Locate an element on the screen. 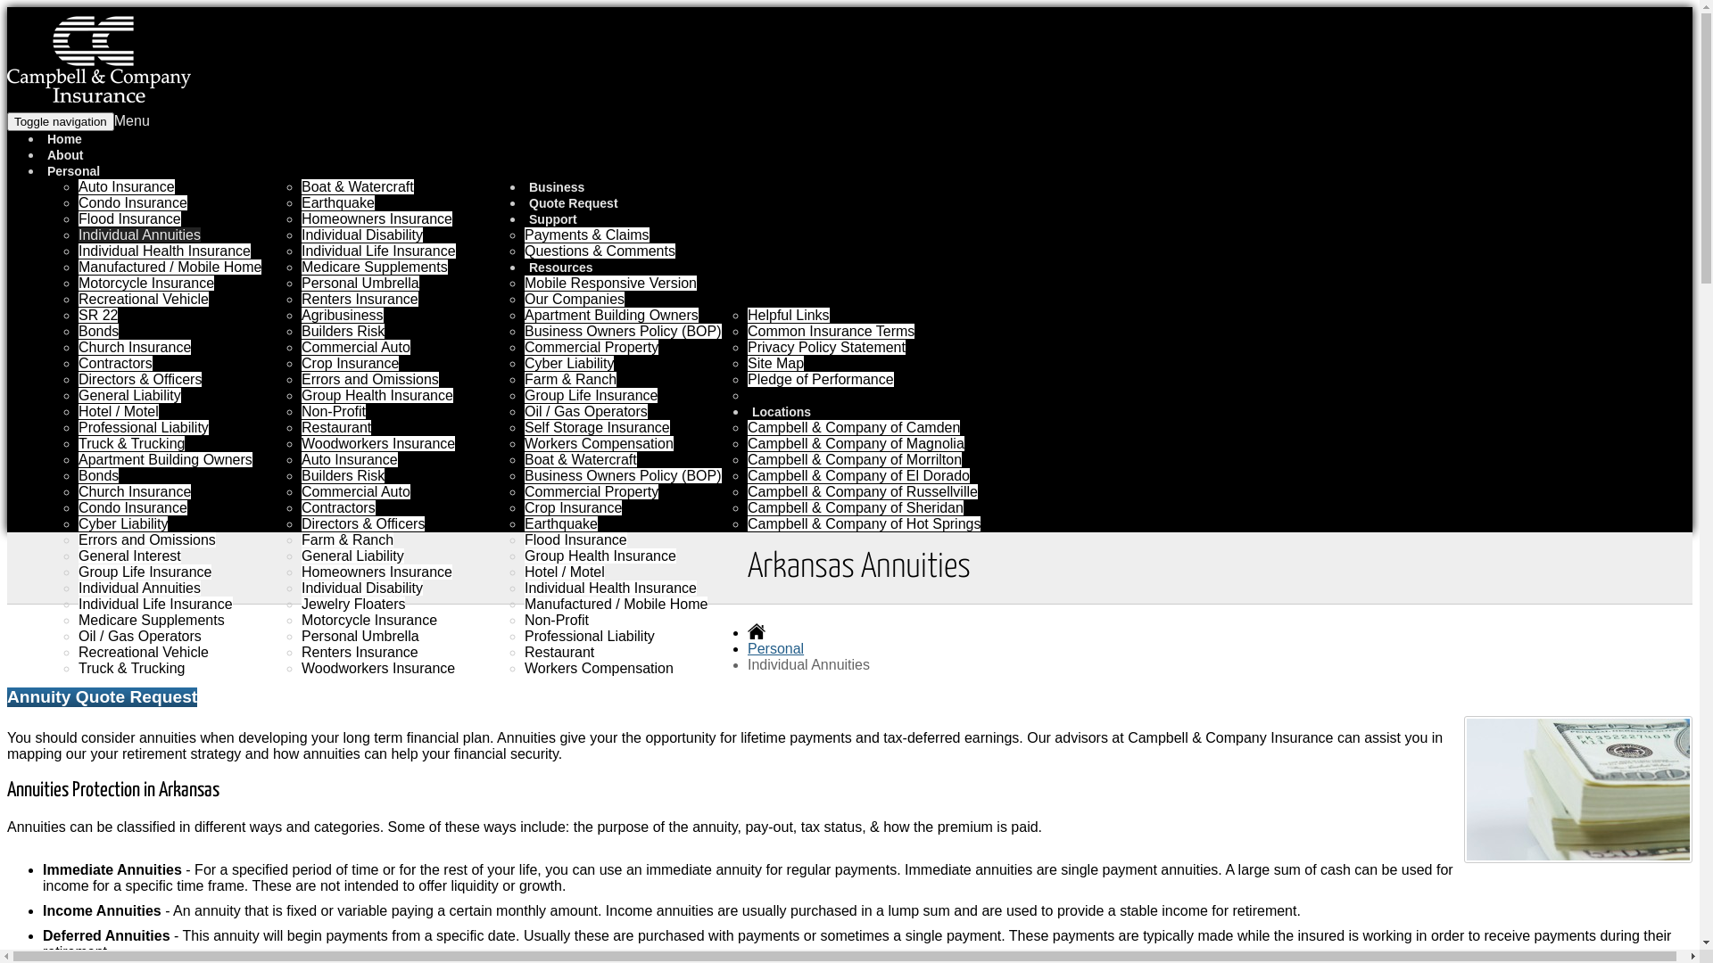 This screenshot has width=1713, height=963. 'Campbell & Company of Camden' is located at coordinates (748, 427).